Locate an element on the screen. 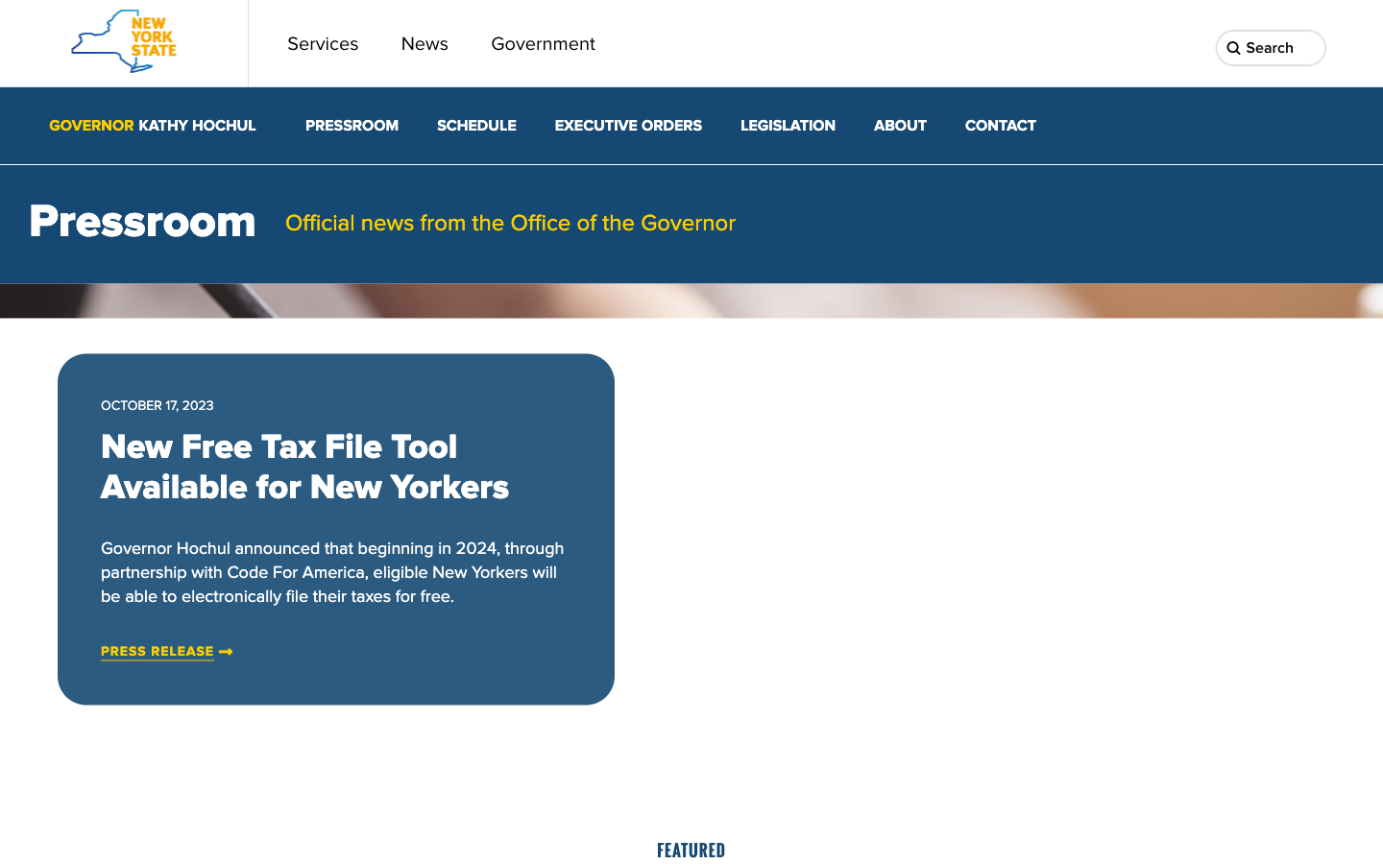  the official page of Governor Kathy Hochul is located at coordinates (151, 126).